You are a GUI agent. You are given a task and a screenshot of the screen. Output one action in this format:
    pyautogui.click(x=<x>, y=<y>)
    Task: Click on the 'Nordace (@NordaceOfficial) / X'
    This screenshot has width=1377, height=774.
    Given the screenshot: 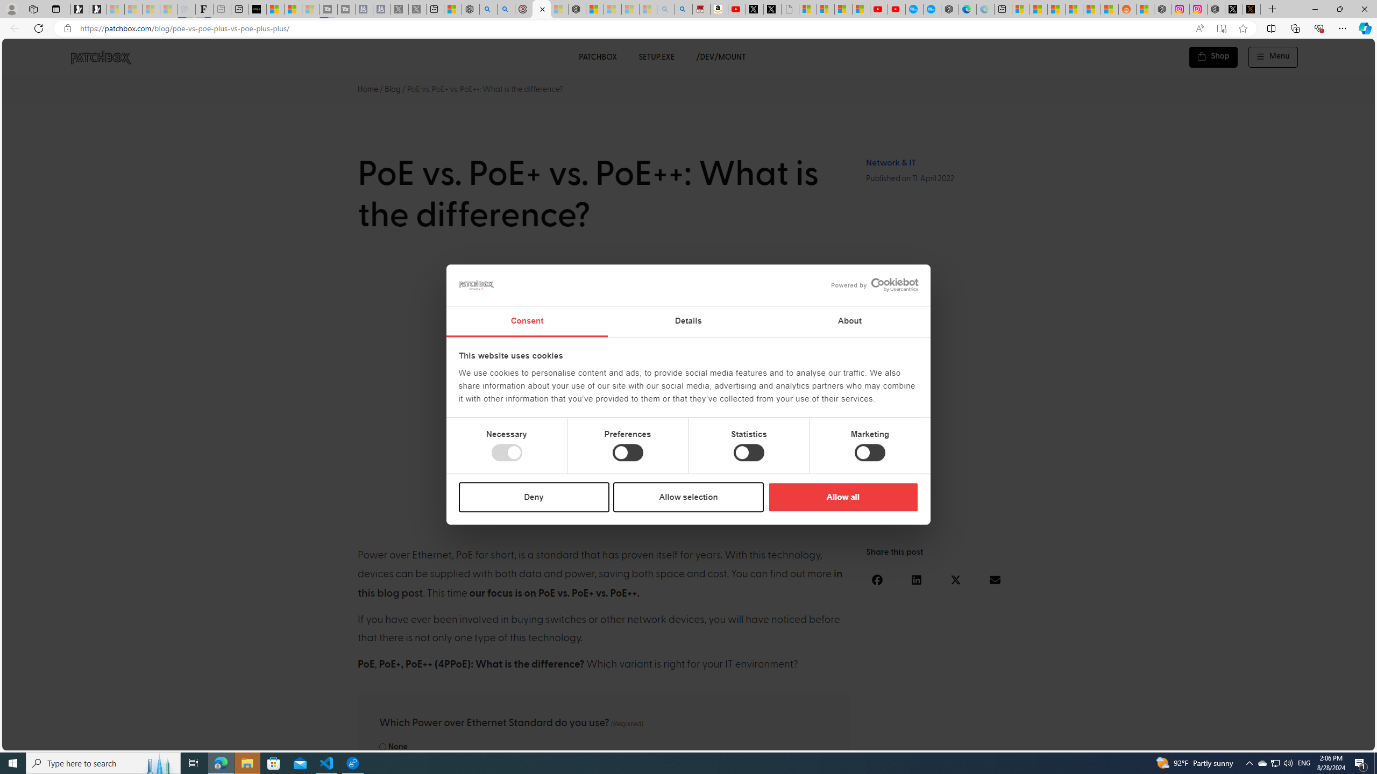 What is the action you would take?
    pyautogui.click(x=1233, y=9)
    